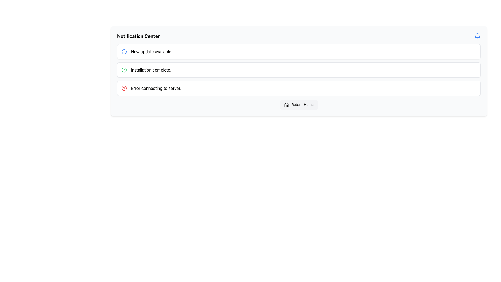 This screenshot has width=501, height=282. I want to click on the 'Return Home' button with a light gray background and home-shaped icon, located at the center of the notification card, so click(299, 105).